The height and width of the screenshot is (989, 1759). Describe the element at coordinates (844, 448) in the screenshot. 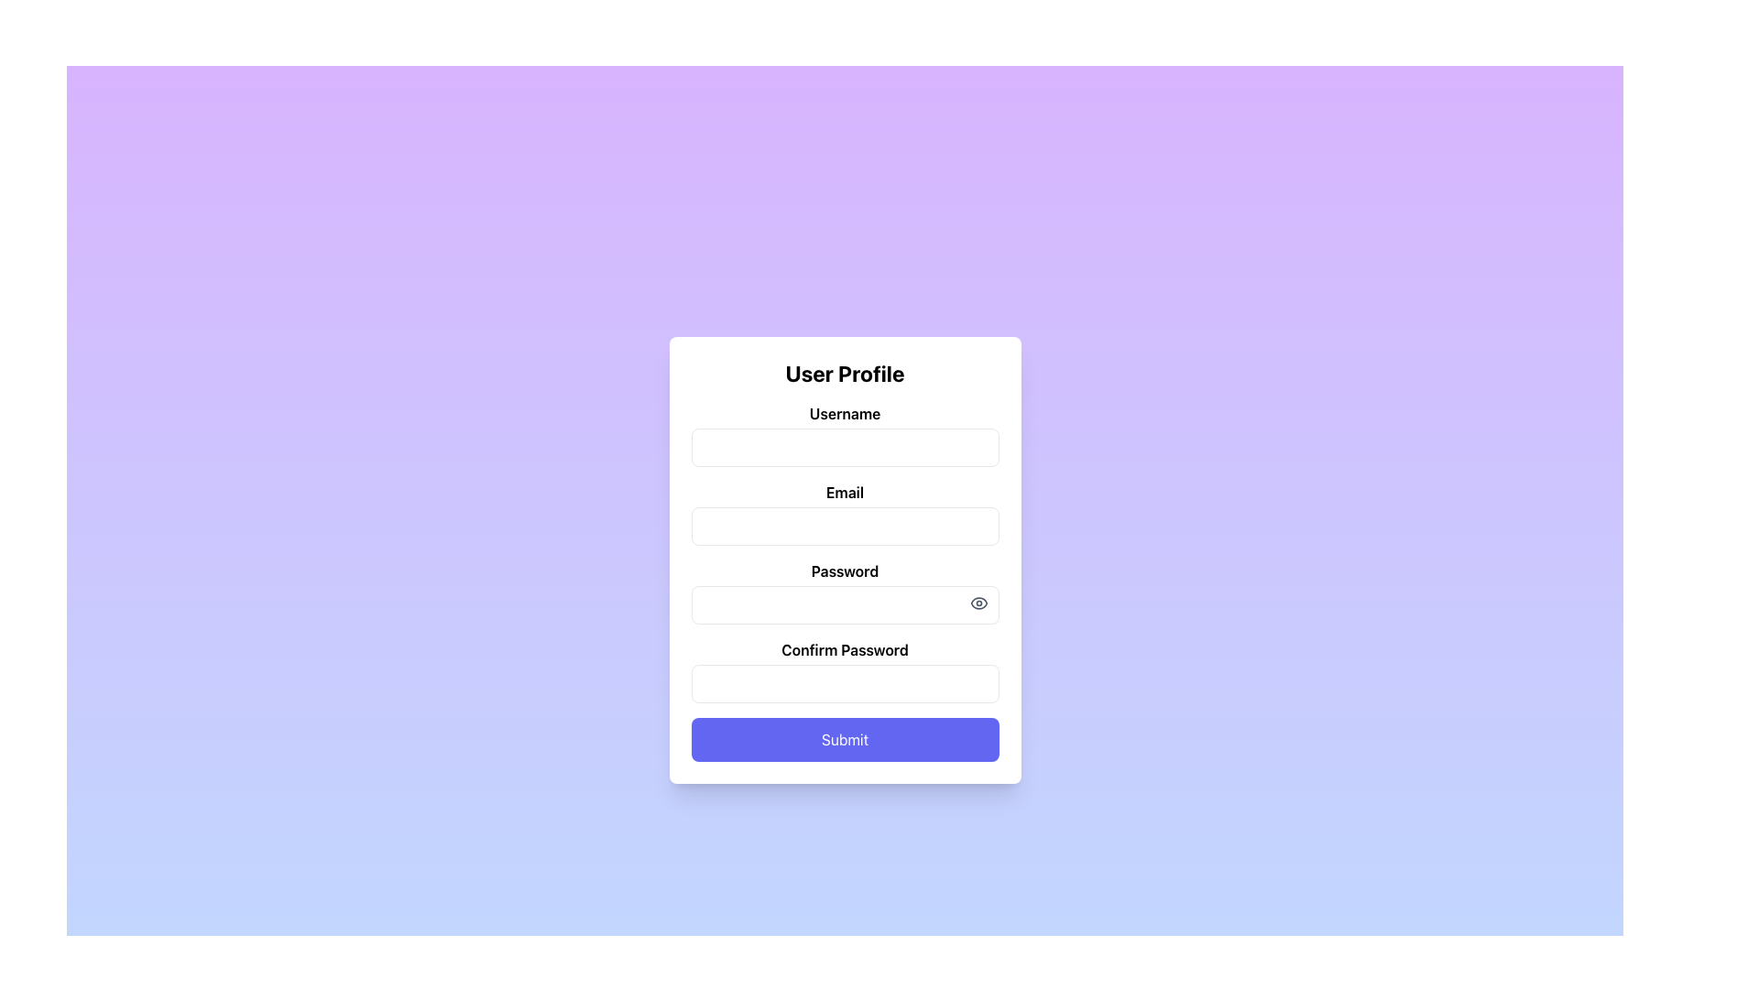

I see `the text input field for entering a username by clicking inside it to type` at that location.